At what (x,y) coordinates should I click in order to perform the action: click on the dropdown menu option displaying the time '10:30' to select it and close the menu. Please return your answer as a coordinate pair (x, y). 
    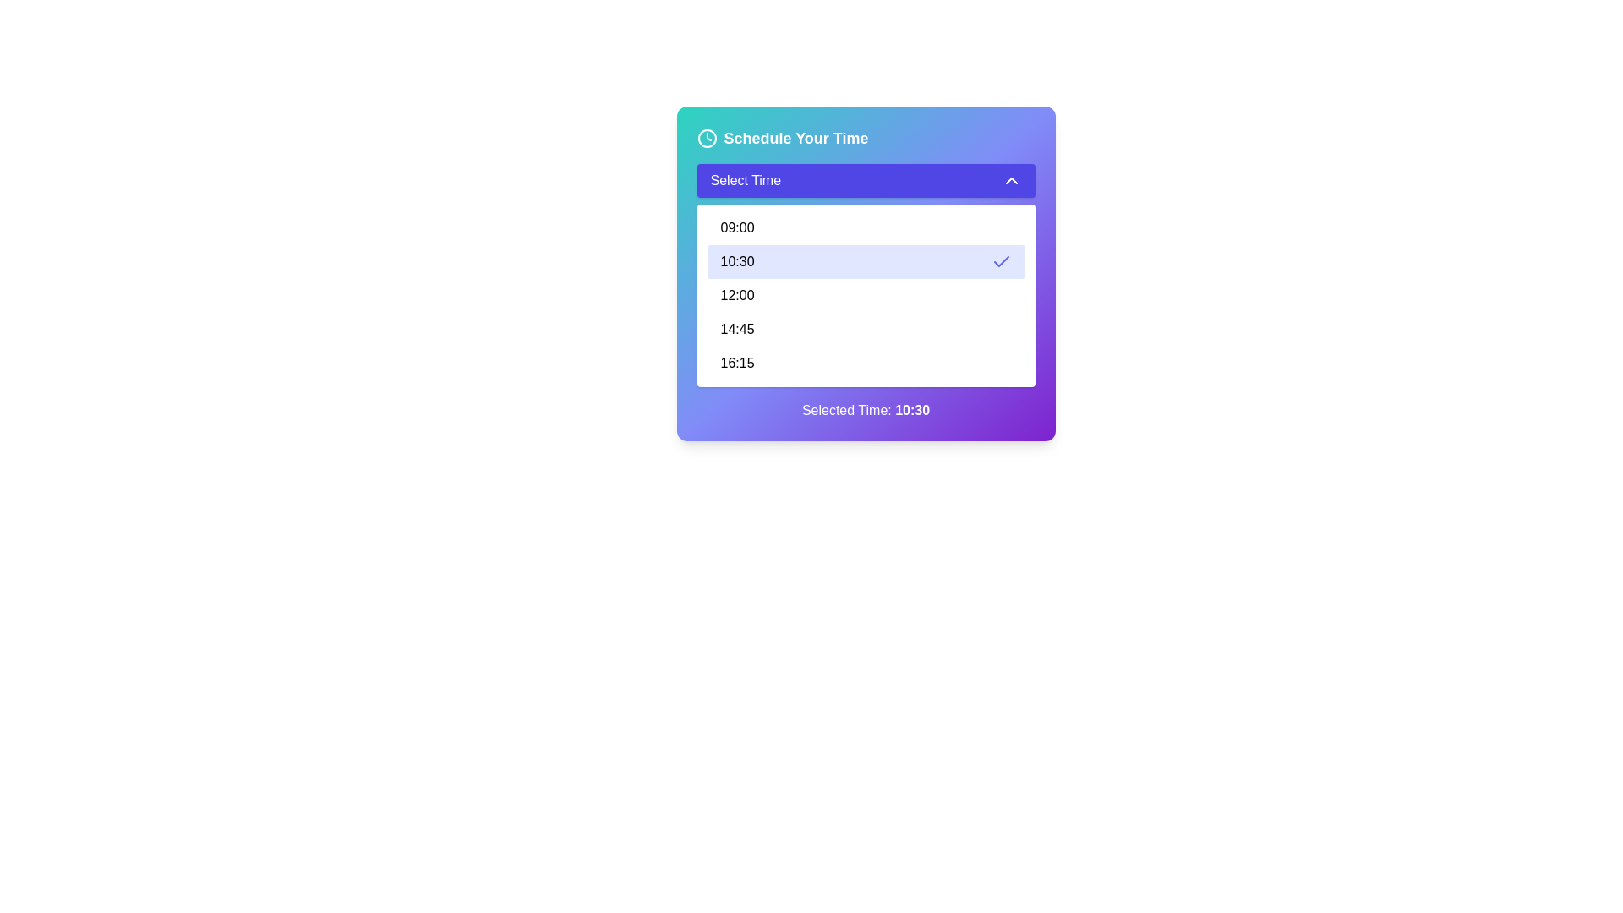
    Looking at the image, I should click on (737, 261).